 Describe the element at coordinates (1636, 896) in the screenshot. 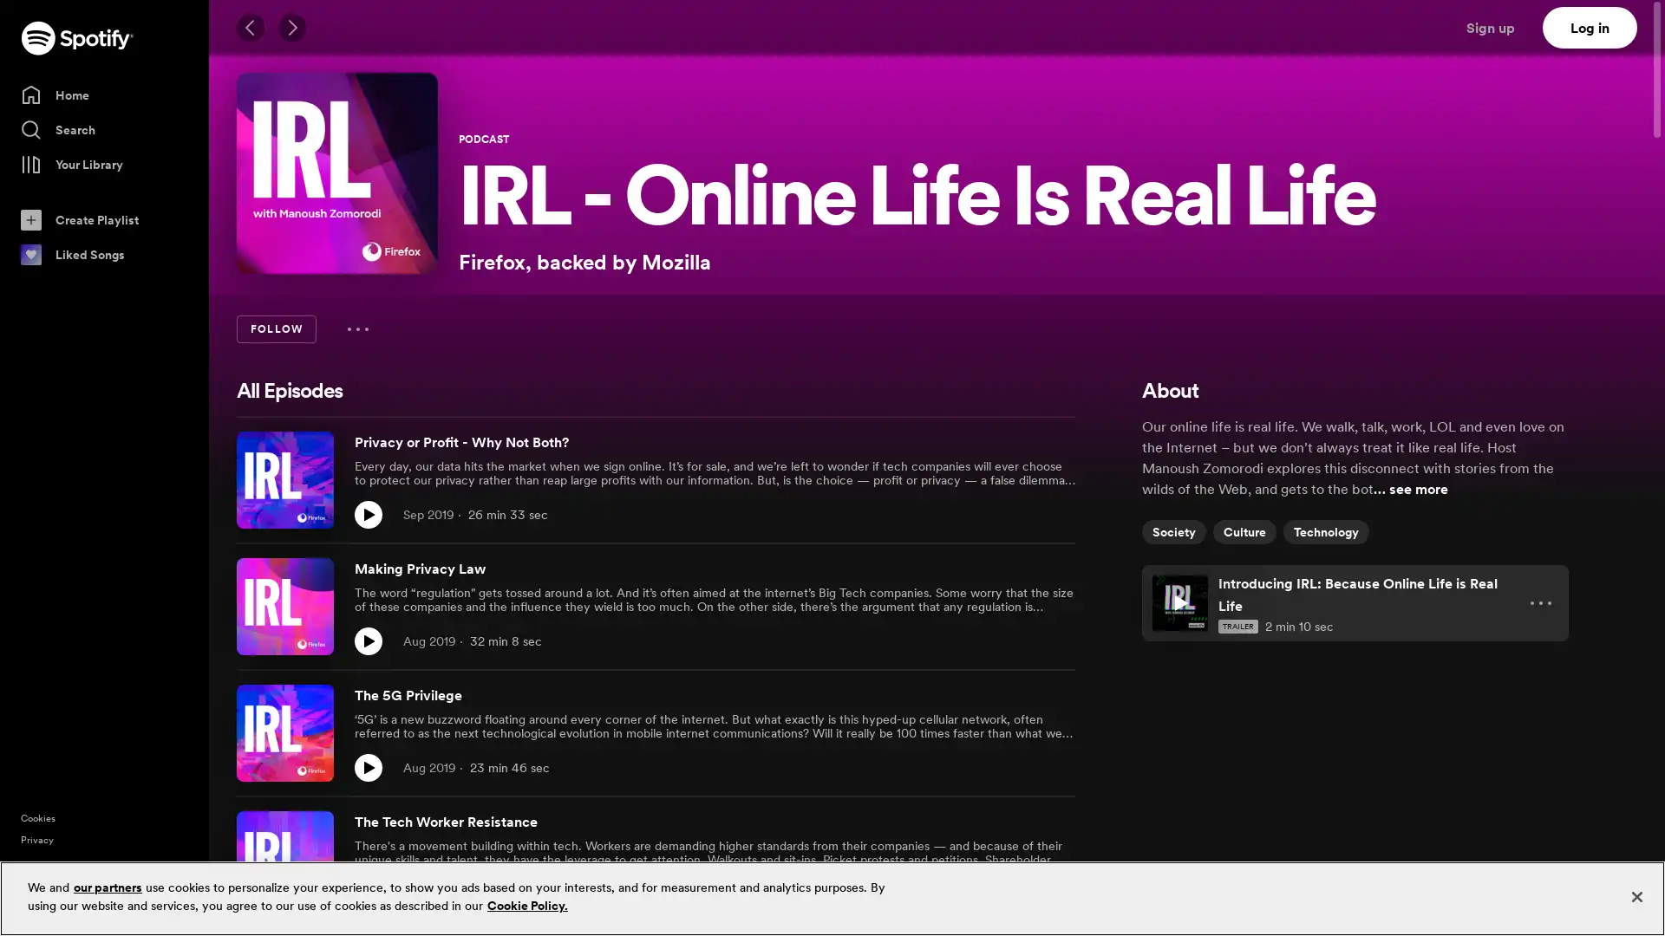

I see `Close` at that location.